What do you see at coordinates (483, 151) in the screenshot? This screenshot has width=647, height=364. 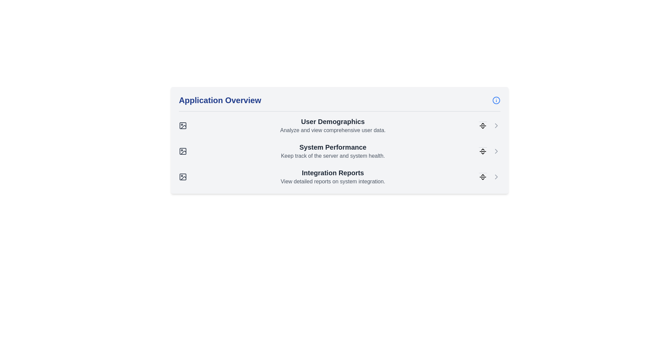 I see `the interactive control icon, which features two arrow-like indicators pointing up and down, located next` at bounding box center [483, 151].